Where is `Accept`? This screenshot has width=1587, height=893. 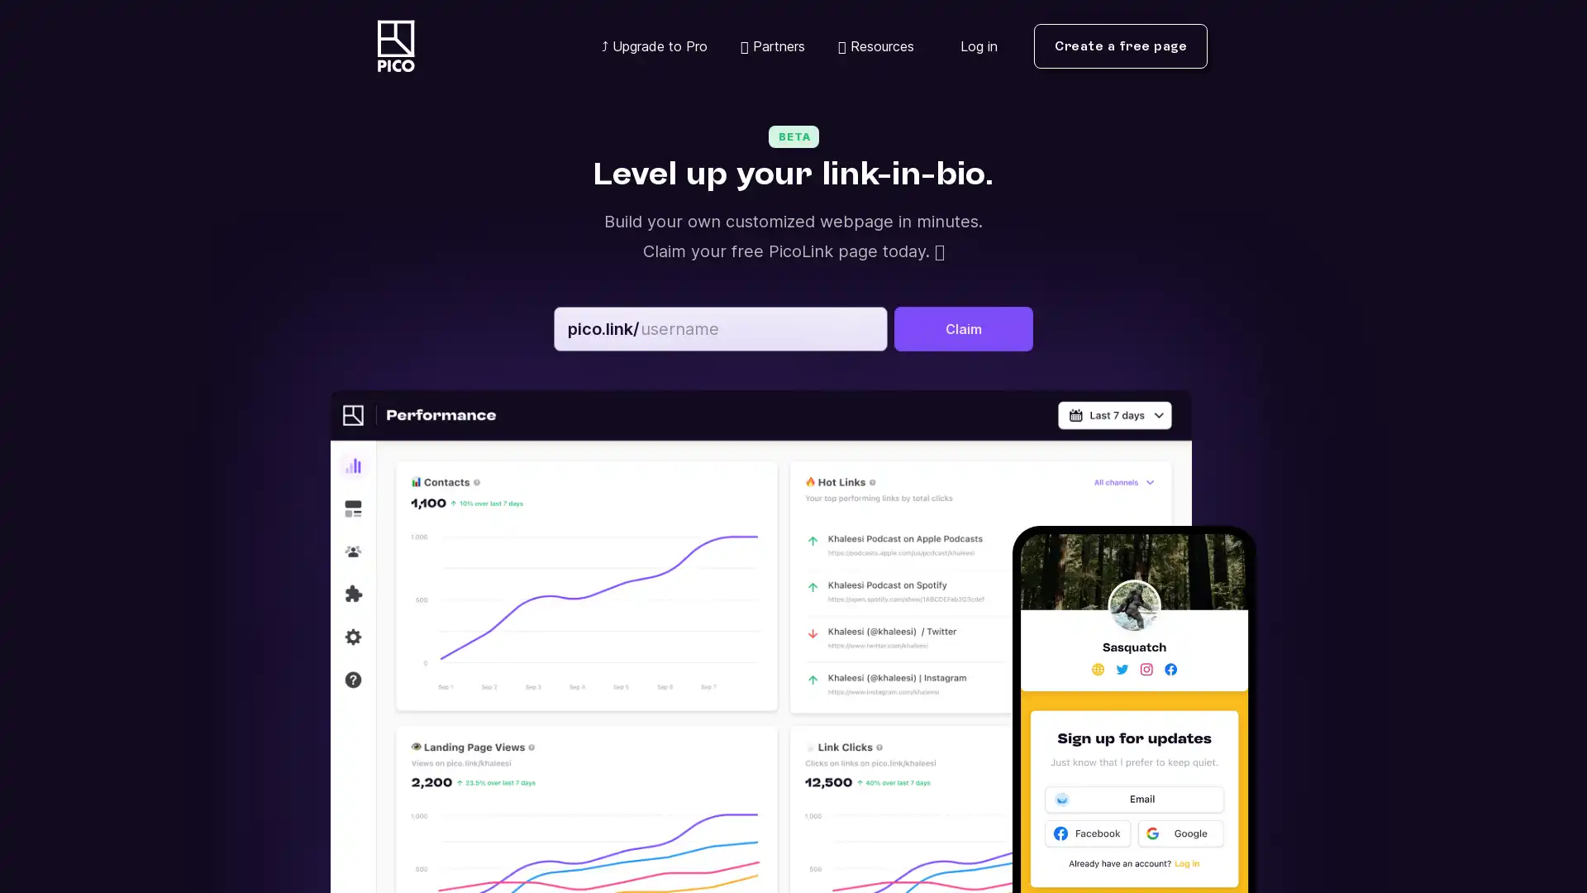
Accept is located at coordinates (1418, 815).